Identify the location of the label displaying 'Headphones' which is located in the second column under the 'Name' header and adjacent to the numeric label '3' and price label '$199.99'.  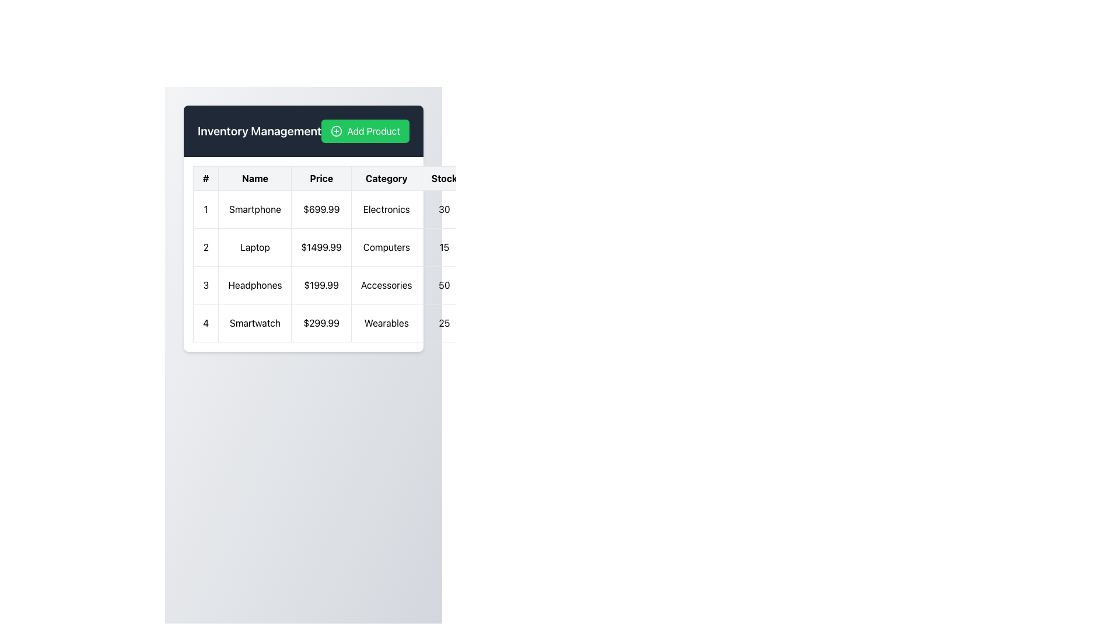
(254, 285).